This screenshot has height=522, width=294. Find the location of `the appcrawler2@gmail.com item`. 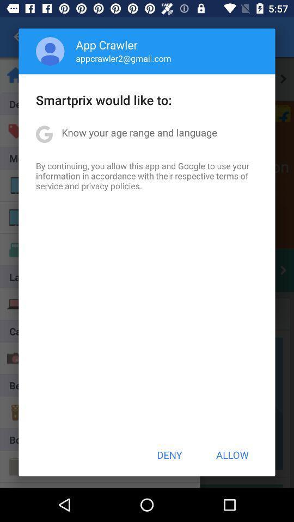

the appcrawler2@gmail.com item is located at coordinates (123, 58).